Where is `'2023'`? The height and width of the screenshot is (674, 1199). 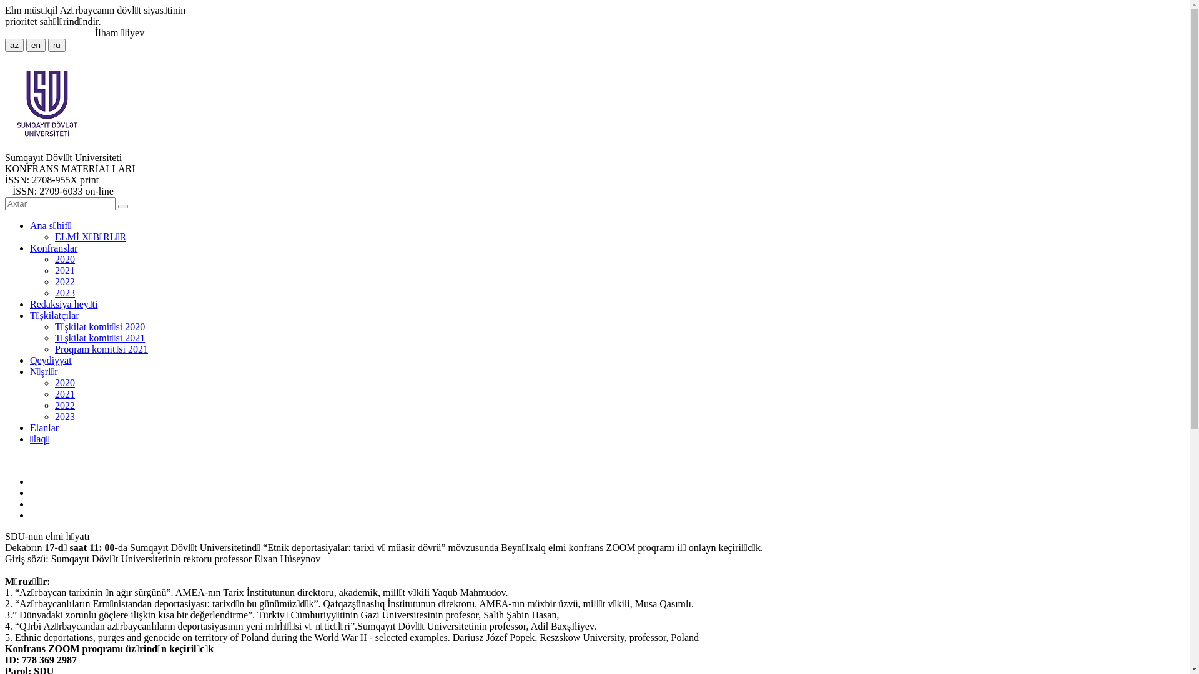 '2023' is located at coordinates (54, 293).